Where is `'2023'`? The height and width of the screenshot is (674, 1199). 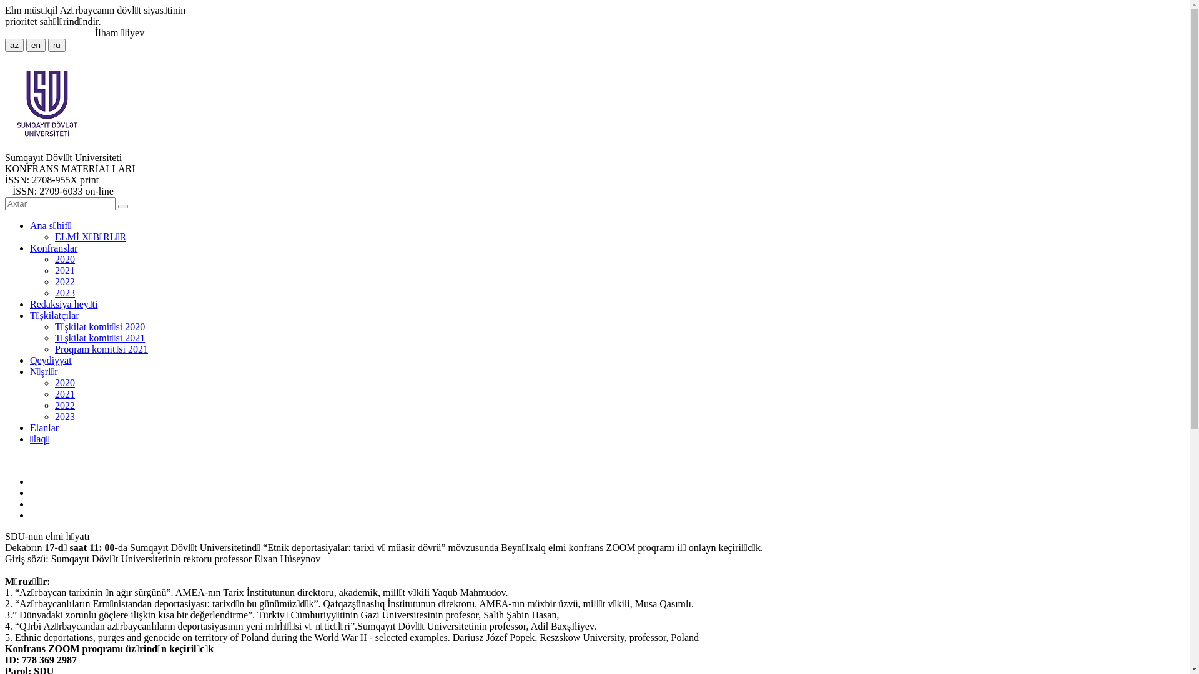 '2023' is located at coordinates (54, 293).